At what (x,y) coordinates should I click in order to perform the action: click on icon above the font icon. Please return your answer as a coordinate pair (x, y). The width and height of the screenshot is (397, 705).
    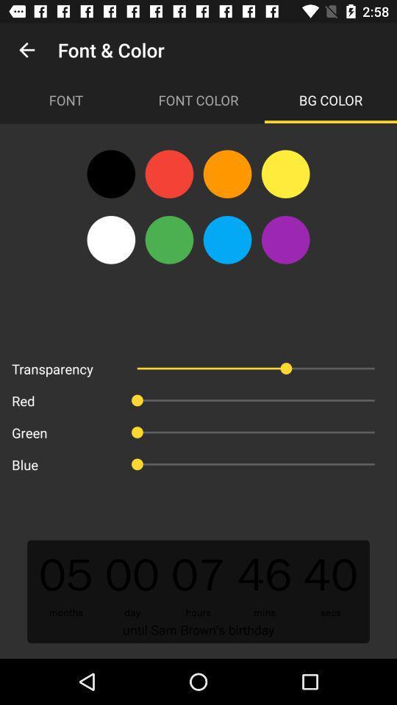
    Looking at the image, I should click on (26, 50).